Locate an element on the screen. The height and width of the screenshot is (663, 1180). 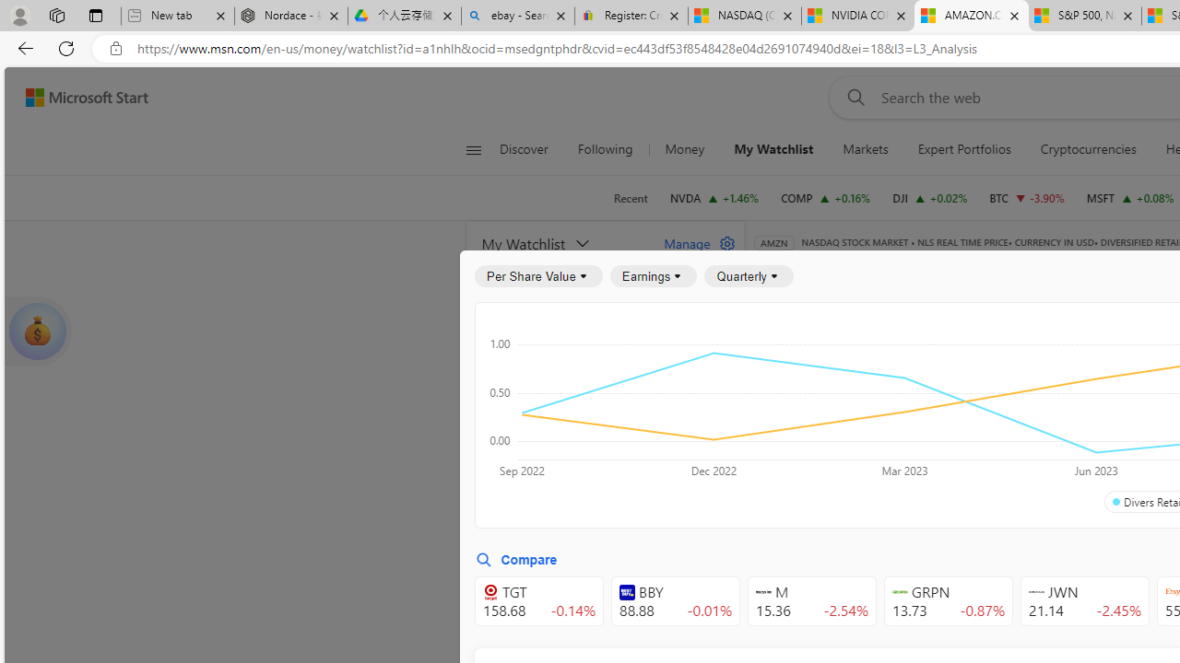
'Earnings' is located at coordinates (653, 276).